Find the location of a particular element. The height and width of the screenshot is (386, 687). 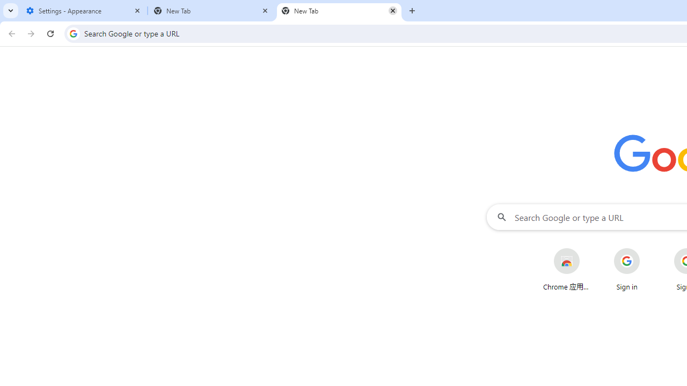

'New Tab' is located at coordinates (339, 11).